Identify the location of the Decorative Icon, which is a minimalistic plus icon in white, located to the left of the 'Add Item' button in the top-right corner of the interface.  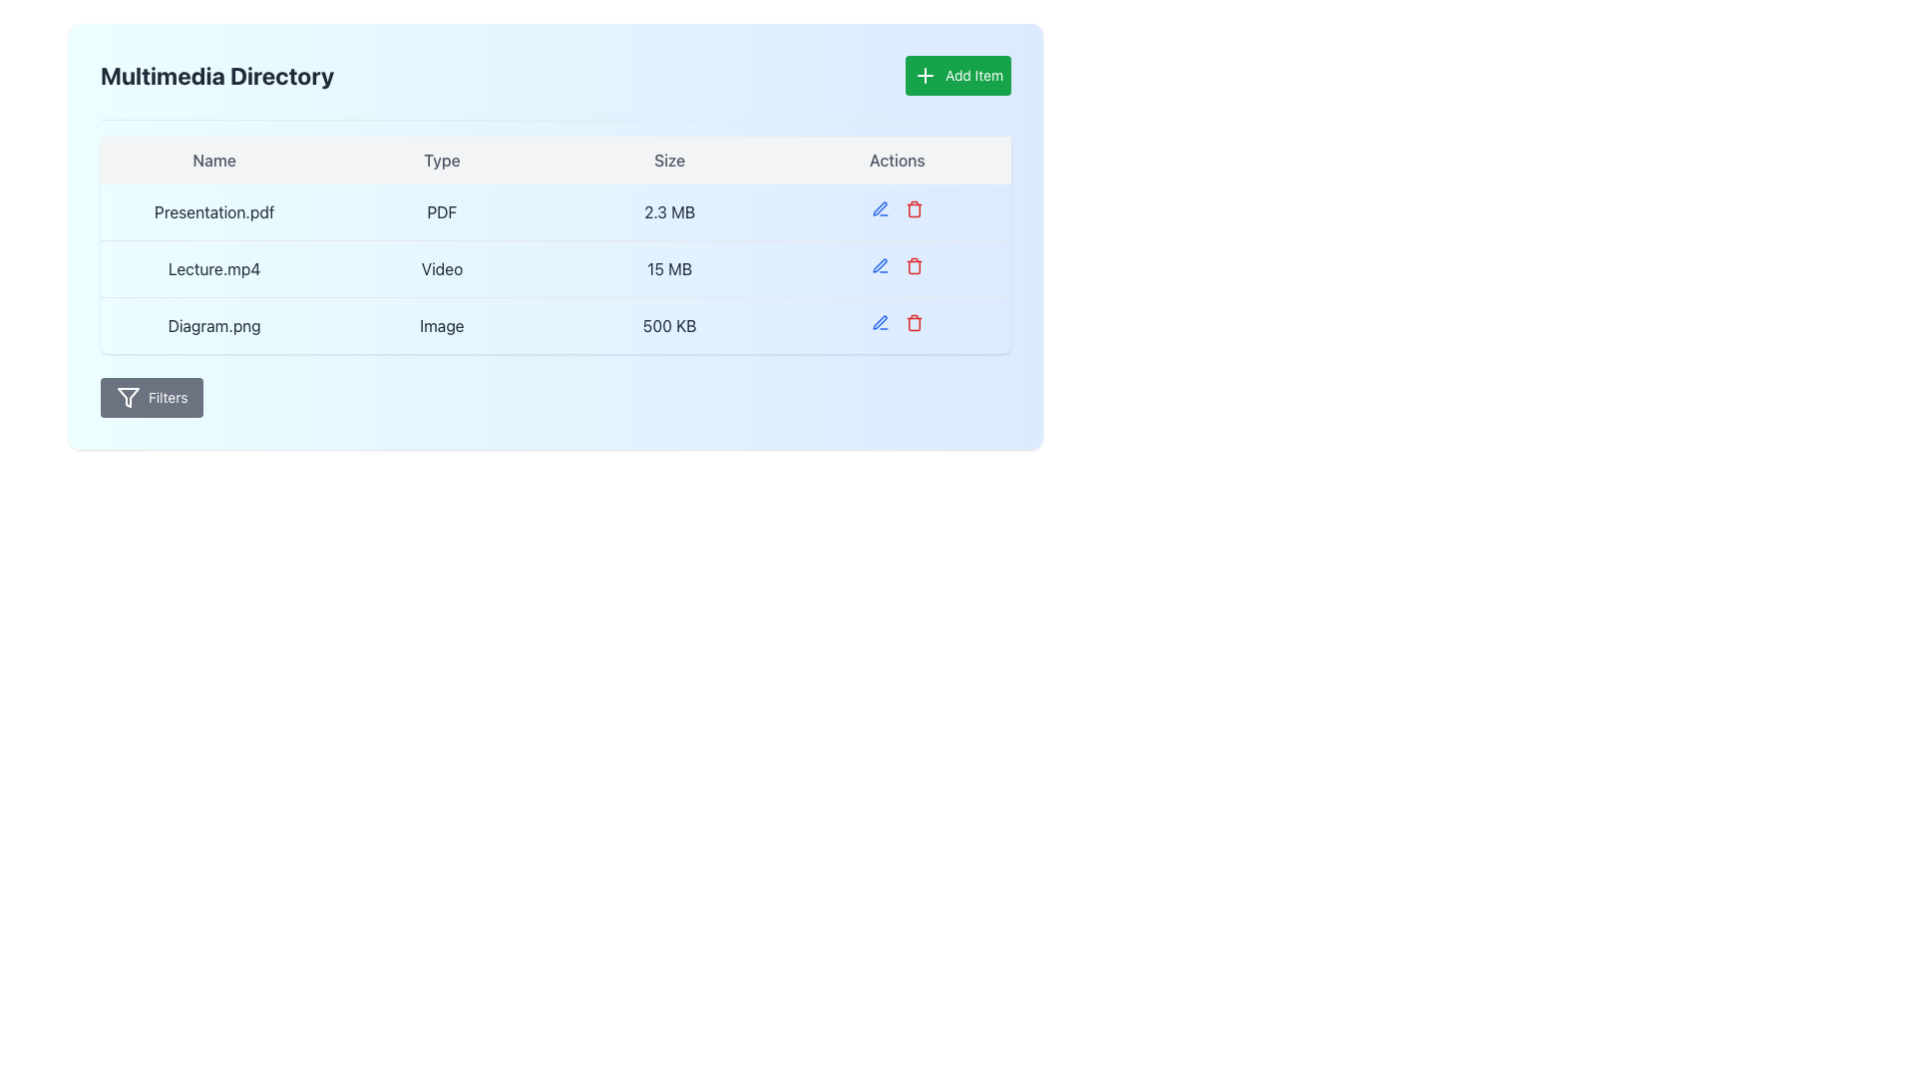
(925, 75).